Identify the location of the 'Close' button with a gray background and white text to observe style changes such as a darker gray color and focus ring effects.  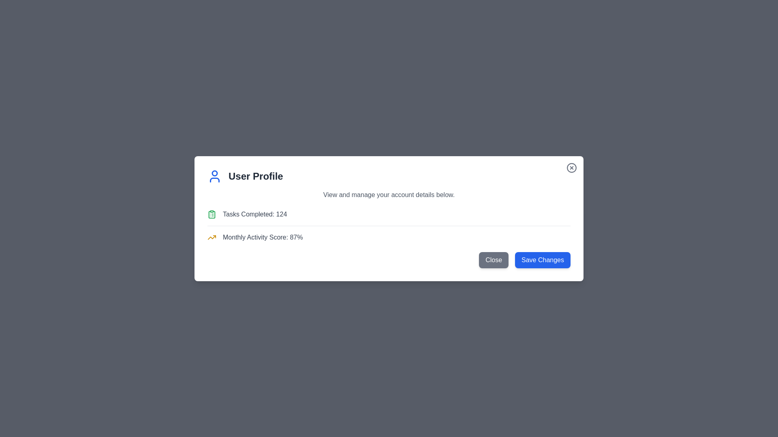
(493, 260).